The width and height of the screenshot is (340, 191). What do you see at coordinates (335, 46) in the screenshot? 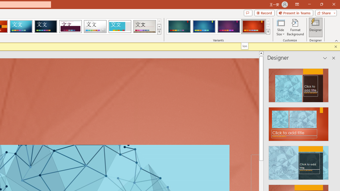
I see `'Close this message'` at bounding box center [335, 46].